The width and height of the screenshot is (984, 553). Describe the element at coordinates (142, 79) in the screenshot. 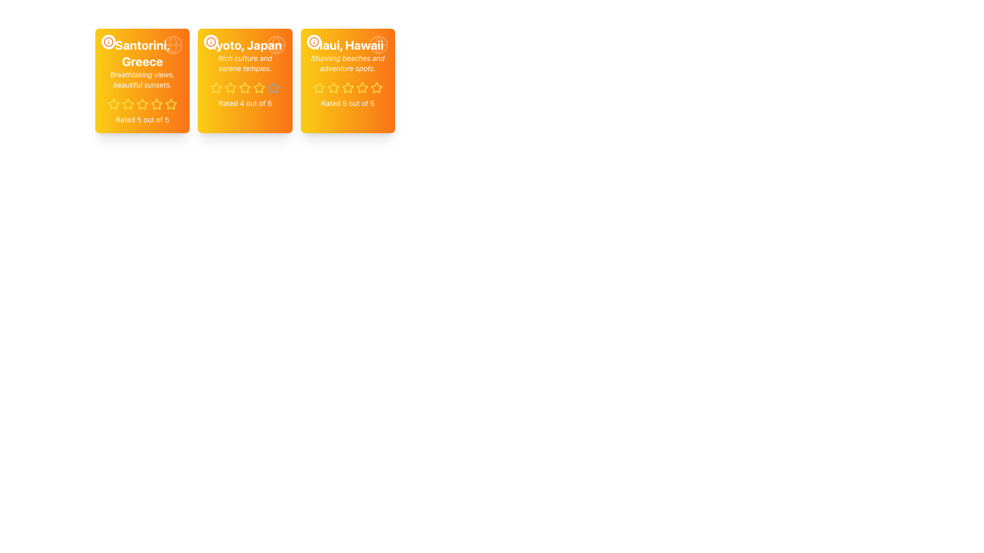

I see `the italicized text label that reads 'Breathtaking views, beautiful sunsets', which is located beneath the title 'Santorini, Greece' in the leftmost card of a horizontally aligned card layout` at that location.